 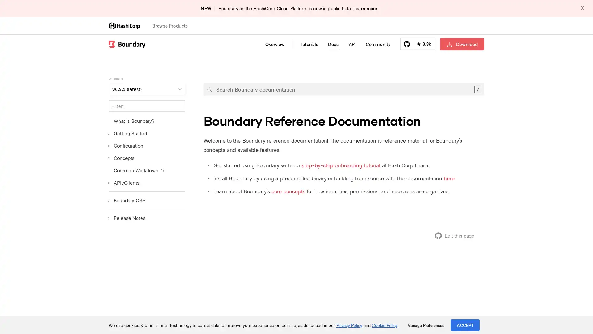 What do you see at coordinates (124, 182) in the screenshot?
I see `API/Clients` at bounding box center [124, 182].